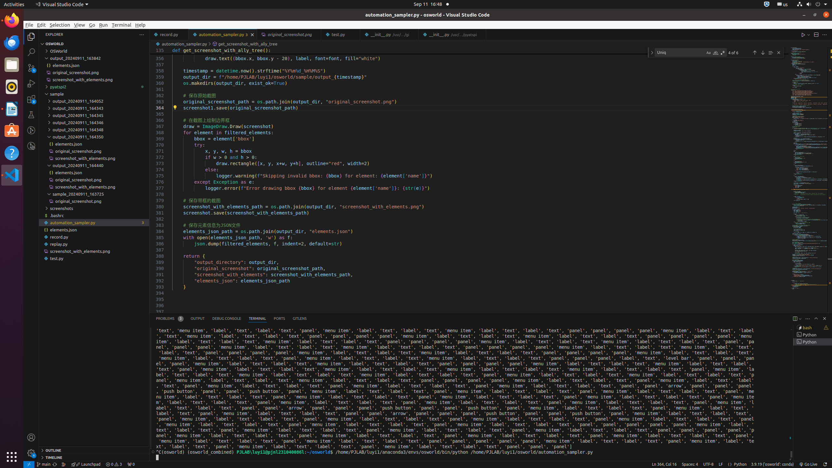 The height and width of the screenshot is (468, 832). What do you see at coordinates (763, 52) in the screenshot?
I see `'Next Match (Enter)'` at bounding box center [763, 52].